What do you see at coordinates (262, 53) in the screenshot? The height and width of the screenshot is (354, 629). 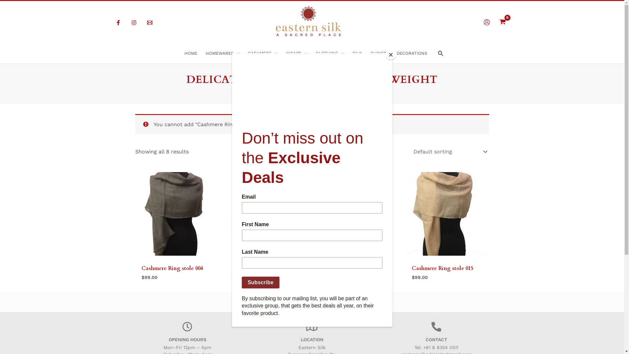 I see `'CASHMERE'` at bounding box center [262, 53].